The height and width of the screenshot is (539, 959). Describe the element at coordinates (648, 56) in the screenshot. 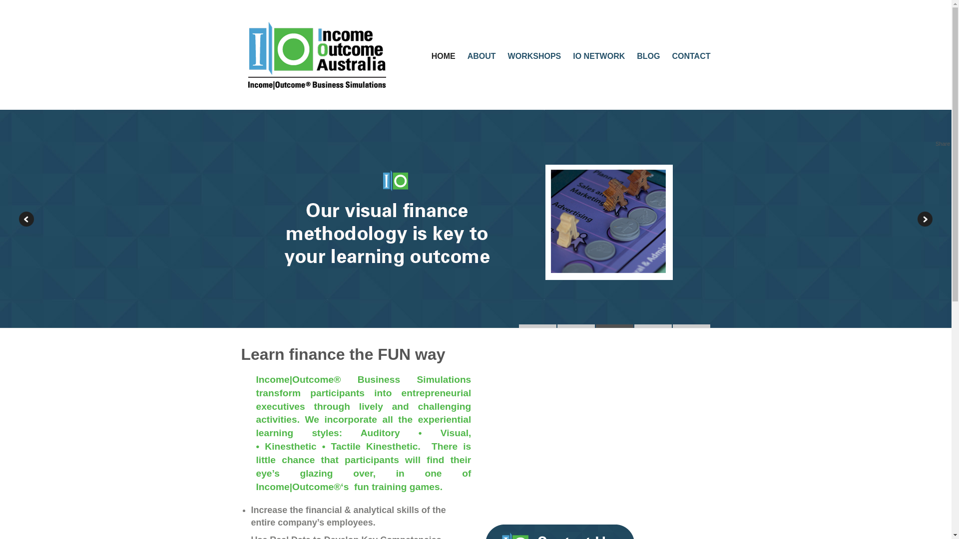

I see `'BLOG'` at that location.